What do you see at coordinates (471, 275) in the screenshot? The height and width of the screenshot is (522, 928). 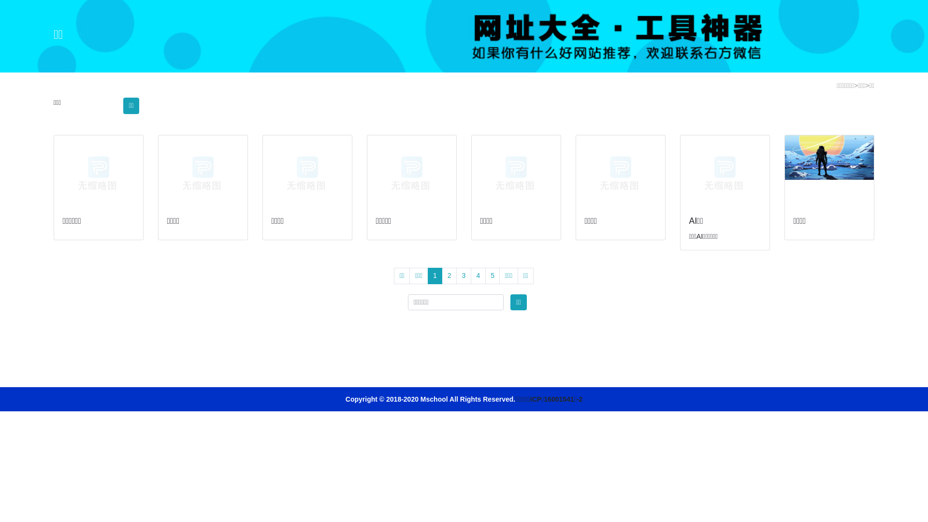 I see `'4'` at bounding box center [471, 275].